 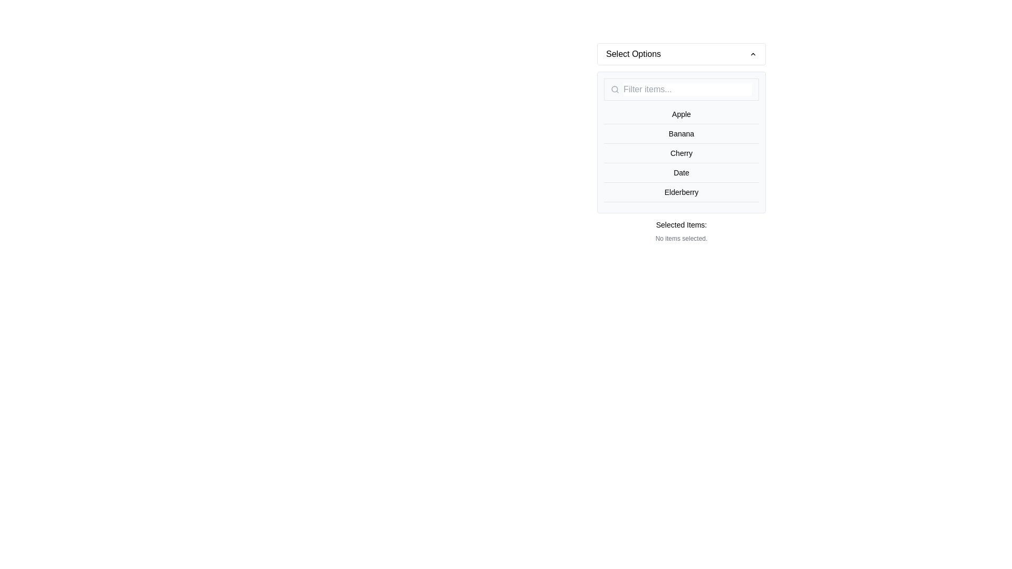 I want to click on the 'Elderberry' option in the dropdown list, so click(x=681, y=192).